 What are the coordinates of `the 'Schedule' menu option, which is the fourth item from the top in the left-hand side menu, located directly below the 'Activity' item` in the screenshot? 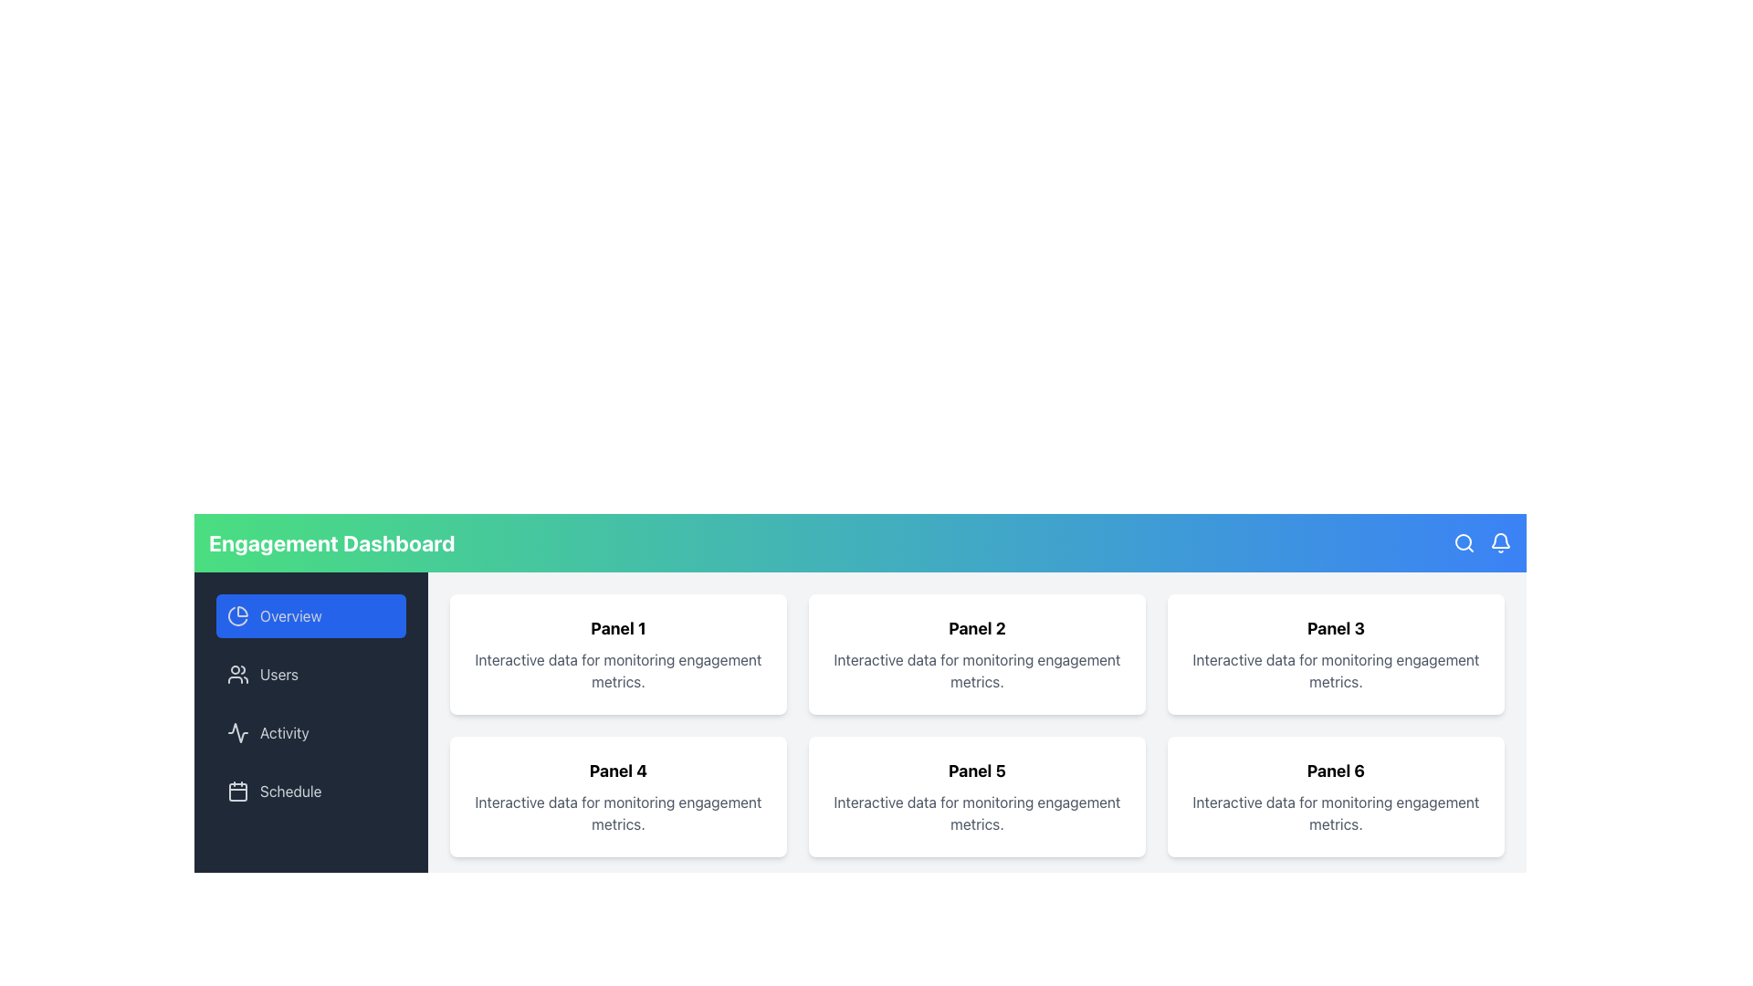 It's located at (289, 791).